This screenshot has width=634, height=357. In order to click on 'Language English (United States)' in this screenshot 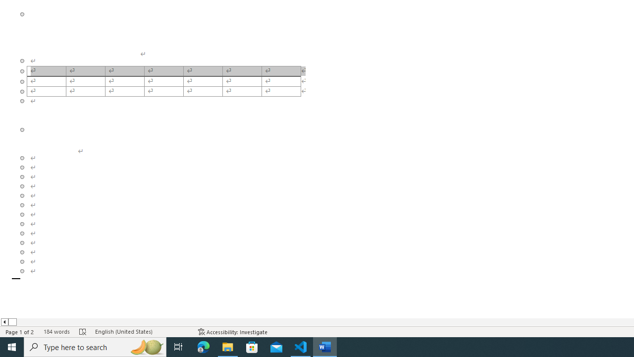, I will do `click(141, 332)`.